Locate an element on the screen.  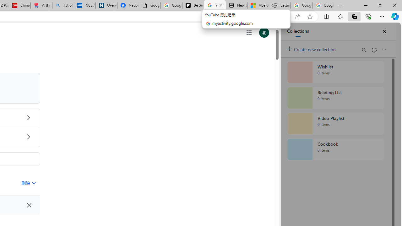
'Aberdeen, Hong Kong SAR hourly forecast | Microsoft Weather' is located at coordinates (258, 5).